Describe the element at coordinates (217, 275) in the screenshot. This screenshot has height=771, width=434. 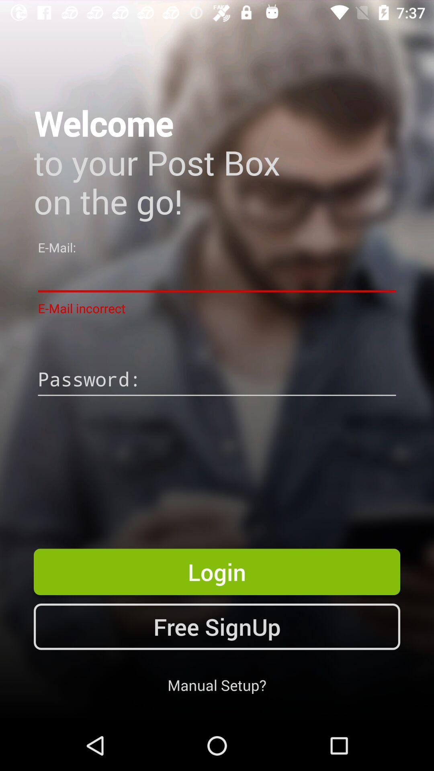
I see `your email` at that location.